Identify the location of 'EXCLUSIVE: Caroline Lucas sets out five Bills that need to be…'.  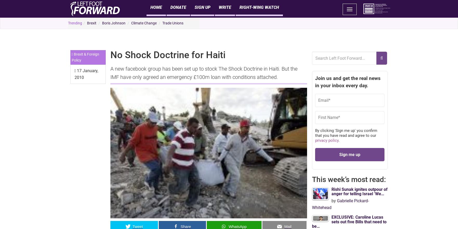
(349, 221).